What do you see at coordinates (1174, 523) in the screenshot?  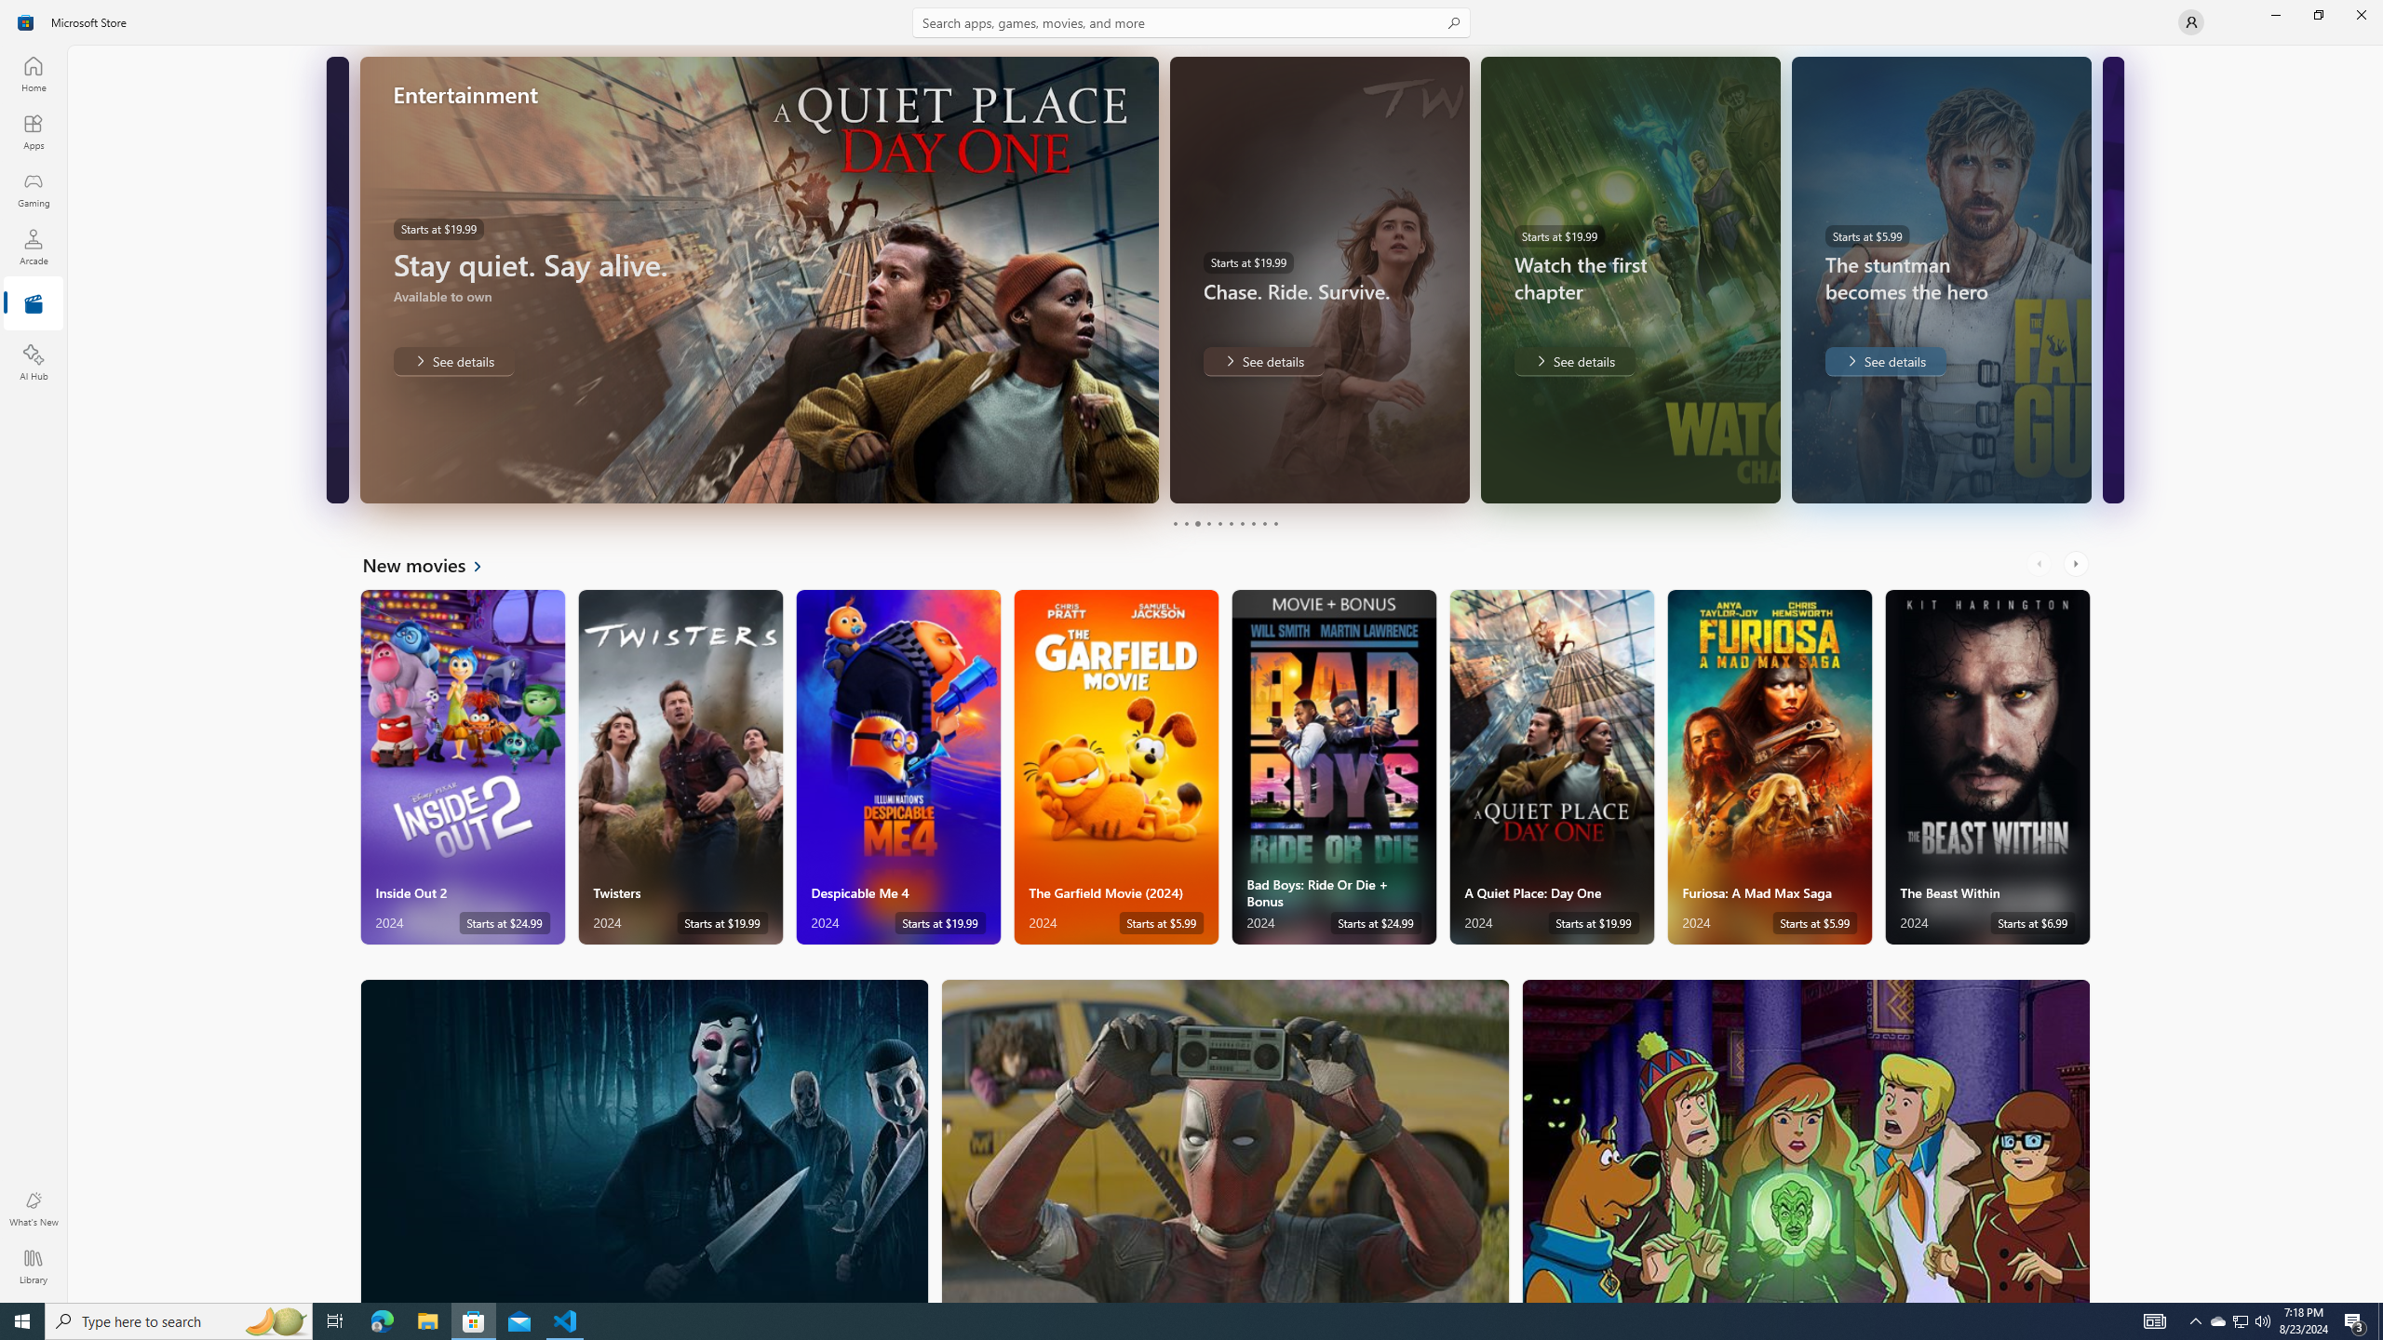 I see `'Page 1'` at bounding box center [1174, 523].